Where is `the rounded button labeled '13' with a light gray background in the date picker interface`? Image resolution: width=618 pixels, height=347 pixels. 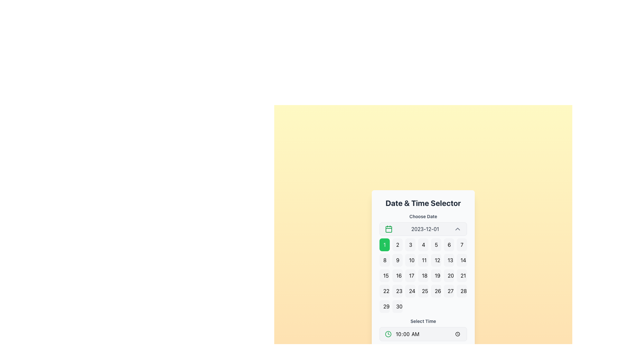 the rounded button labeled '13' with a light gray background in the date picker interface is located at coordinates (449, 260).